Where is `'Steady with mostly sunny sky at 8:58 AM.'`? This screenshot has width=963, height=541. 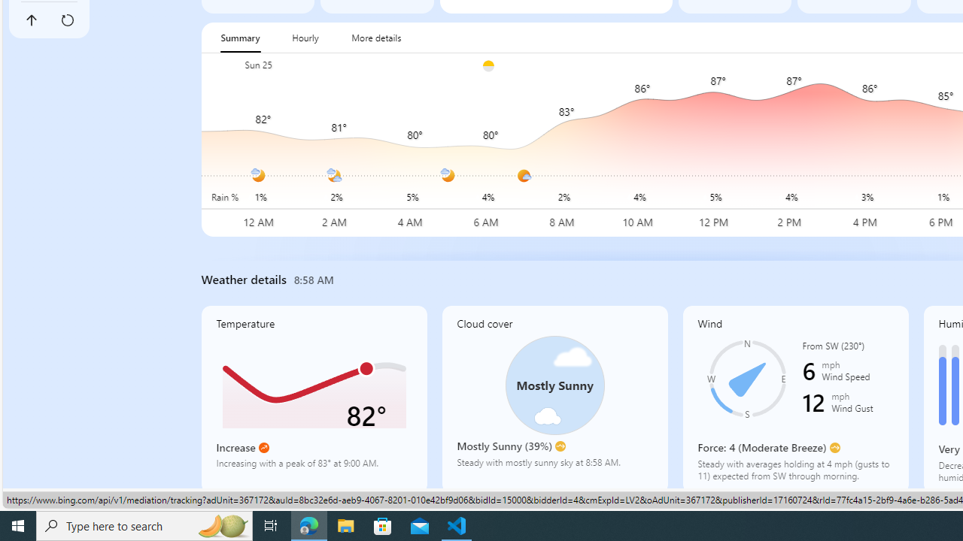 'Steady with mostly sunny sky at 8:58 AM.' is located at coordinates (554, 467).